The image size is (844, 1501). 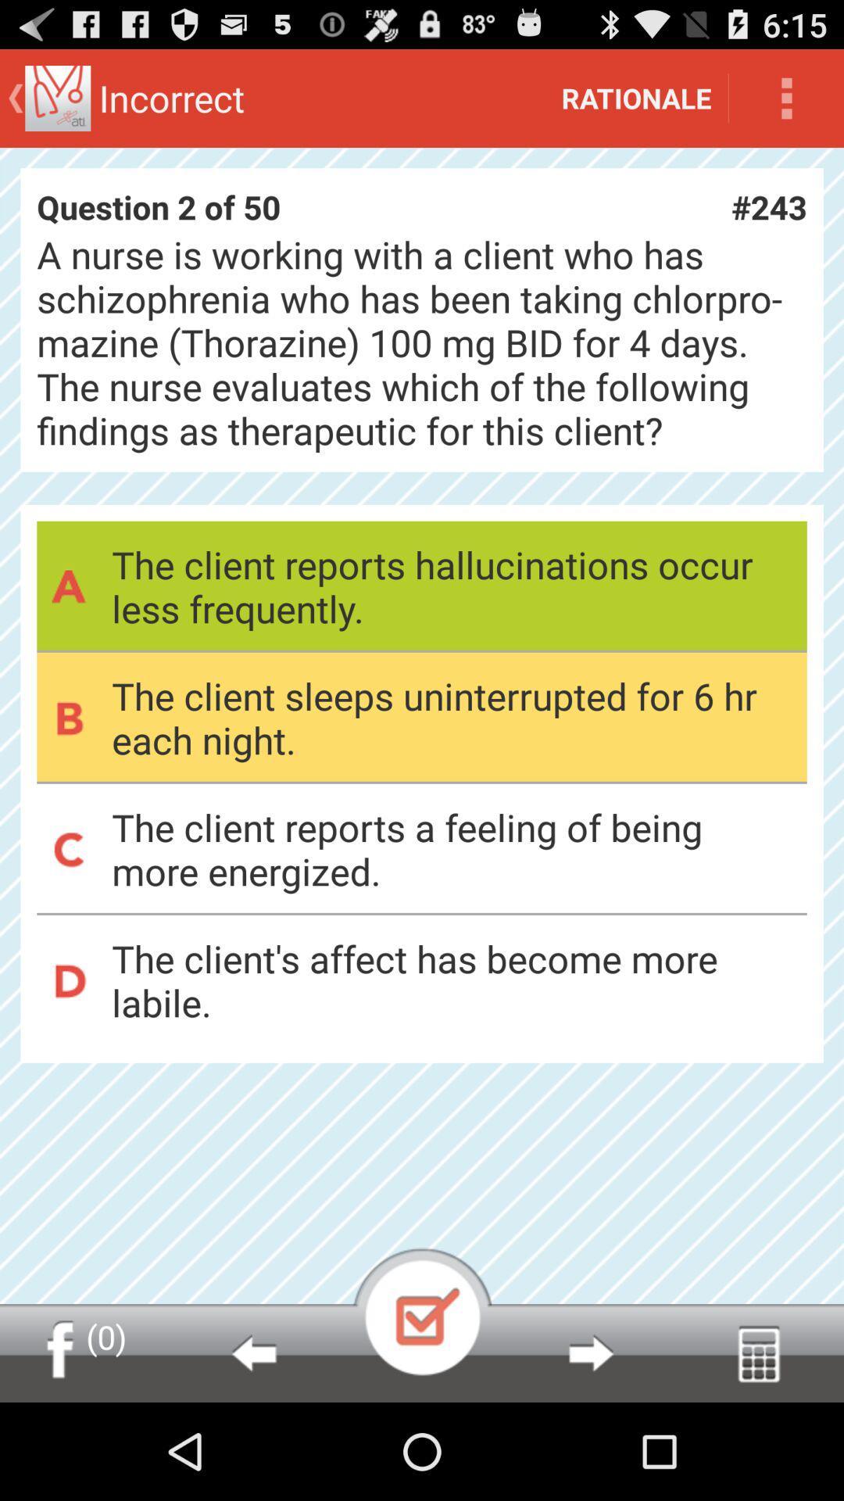 I want to click on select, so click(x=422, y=1311).